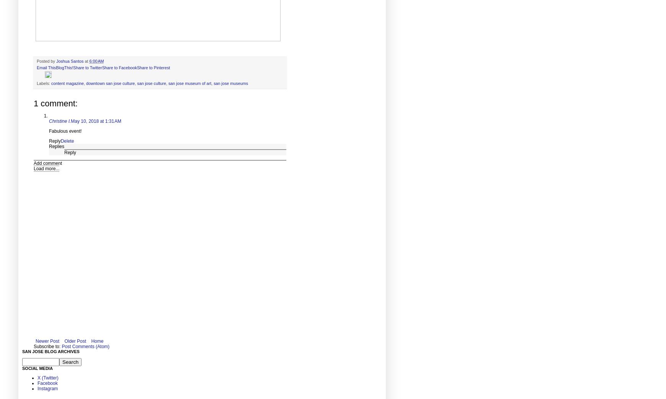 The height and width of the screenshot is (399, 666). What do you see at coordinates (64, 67) in the screenshot?
I see `'BlogThis!'` at bounding box center [64, 67].